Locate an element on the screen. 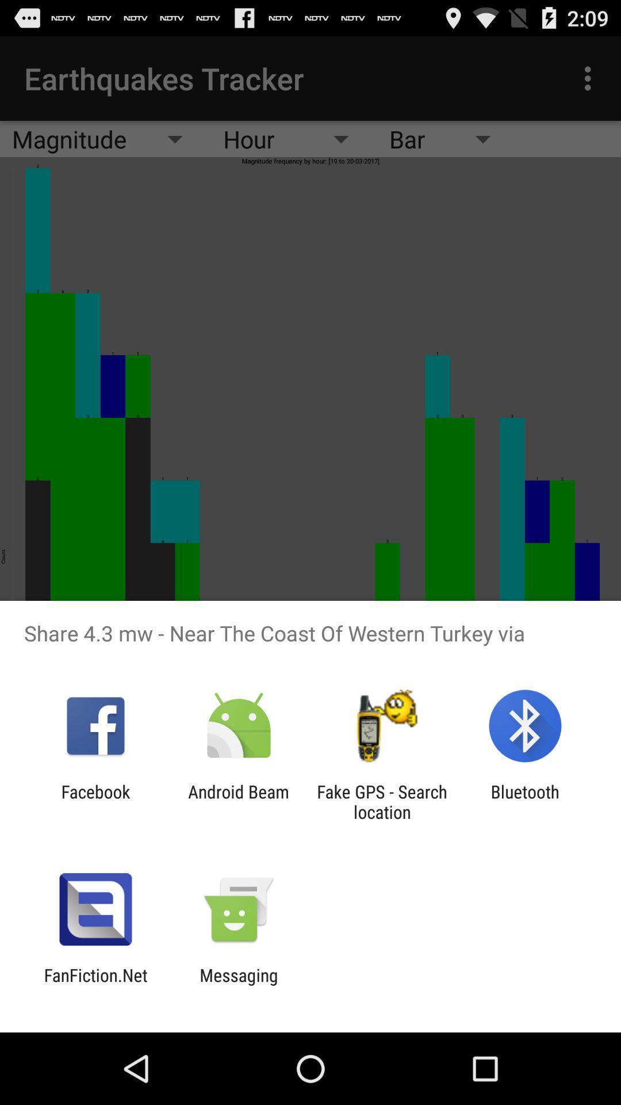  the app to the right of the facebook item is located at coordinates (238, 801).